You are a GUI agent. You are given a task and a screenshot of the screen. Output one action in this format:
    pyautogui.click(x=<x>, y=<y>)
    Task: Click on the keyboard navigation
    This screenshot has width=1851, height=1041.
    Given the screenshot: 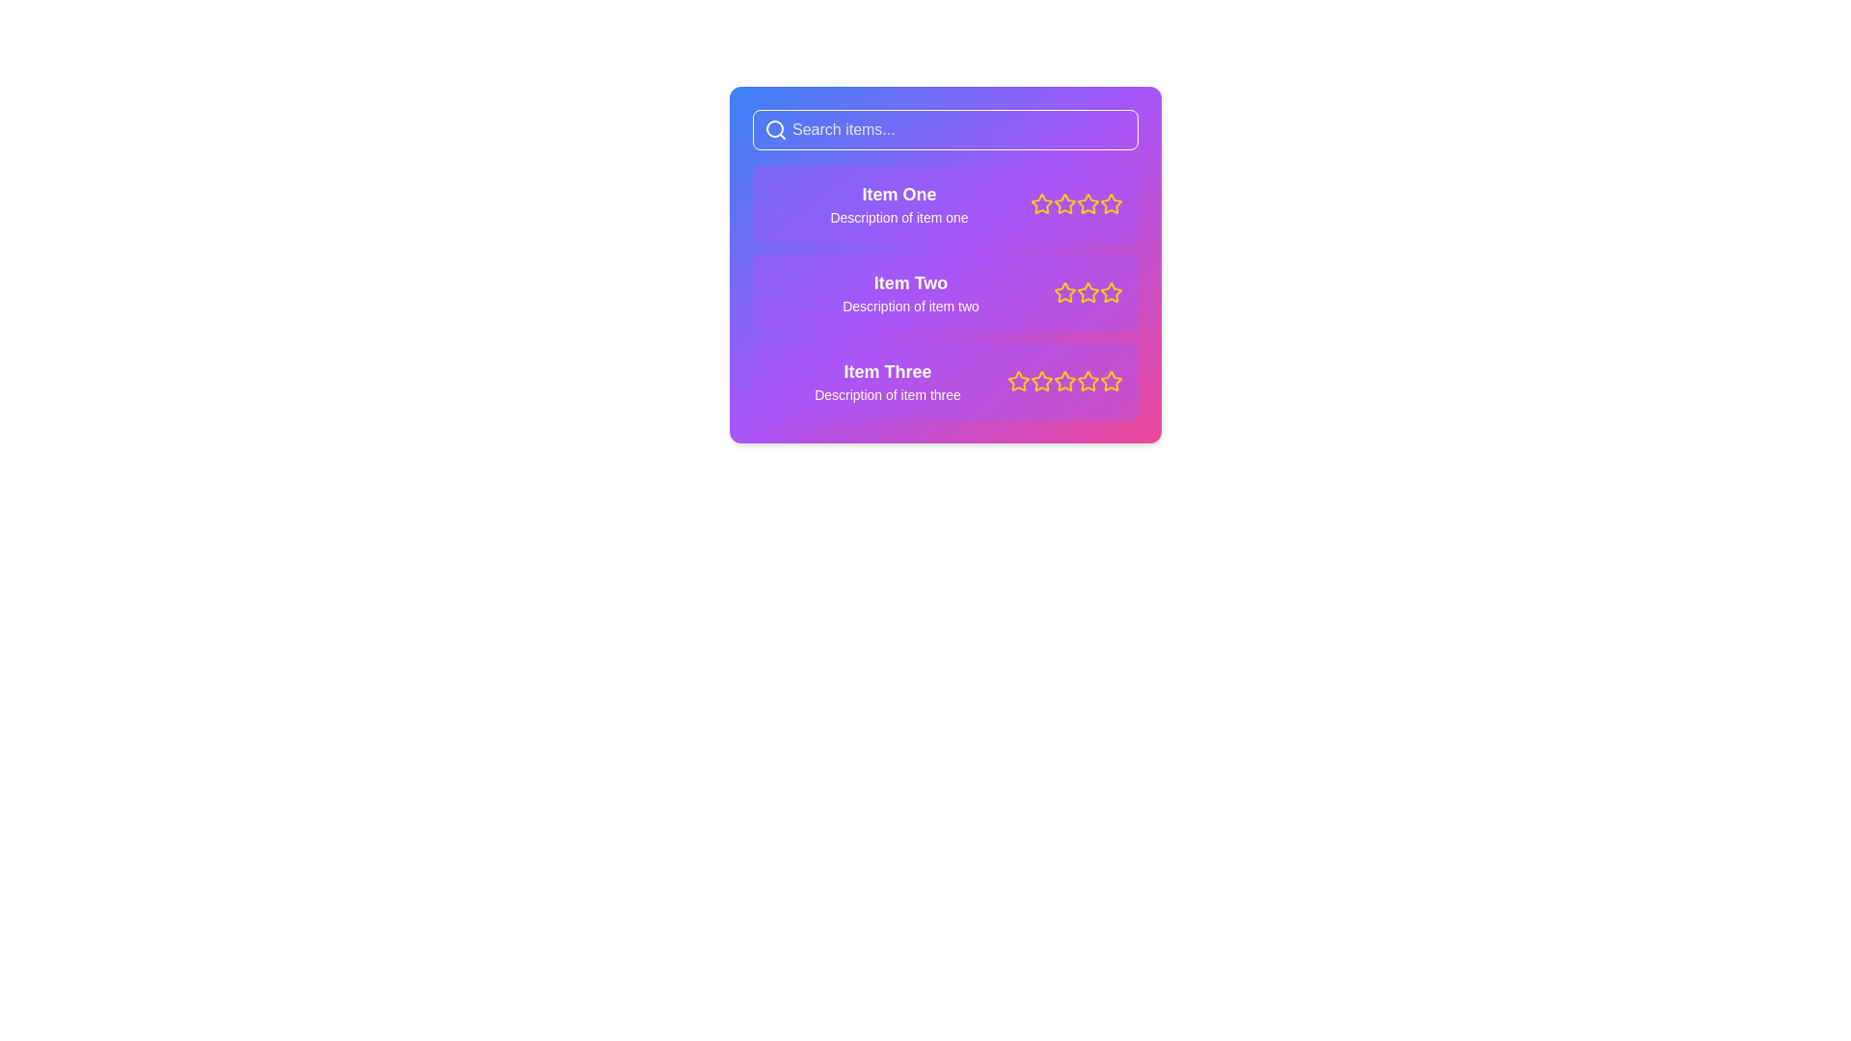 What is the action you would take?
    pyautogui.click(x=1111, y=293)
    